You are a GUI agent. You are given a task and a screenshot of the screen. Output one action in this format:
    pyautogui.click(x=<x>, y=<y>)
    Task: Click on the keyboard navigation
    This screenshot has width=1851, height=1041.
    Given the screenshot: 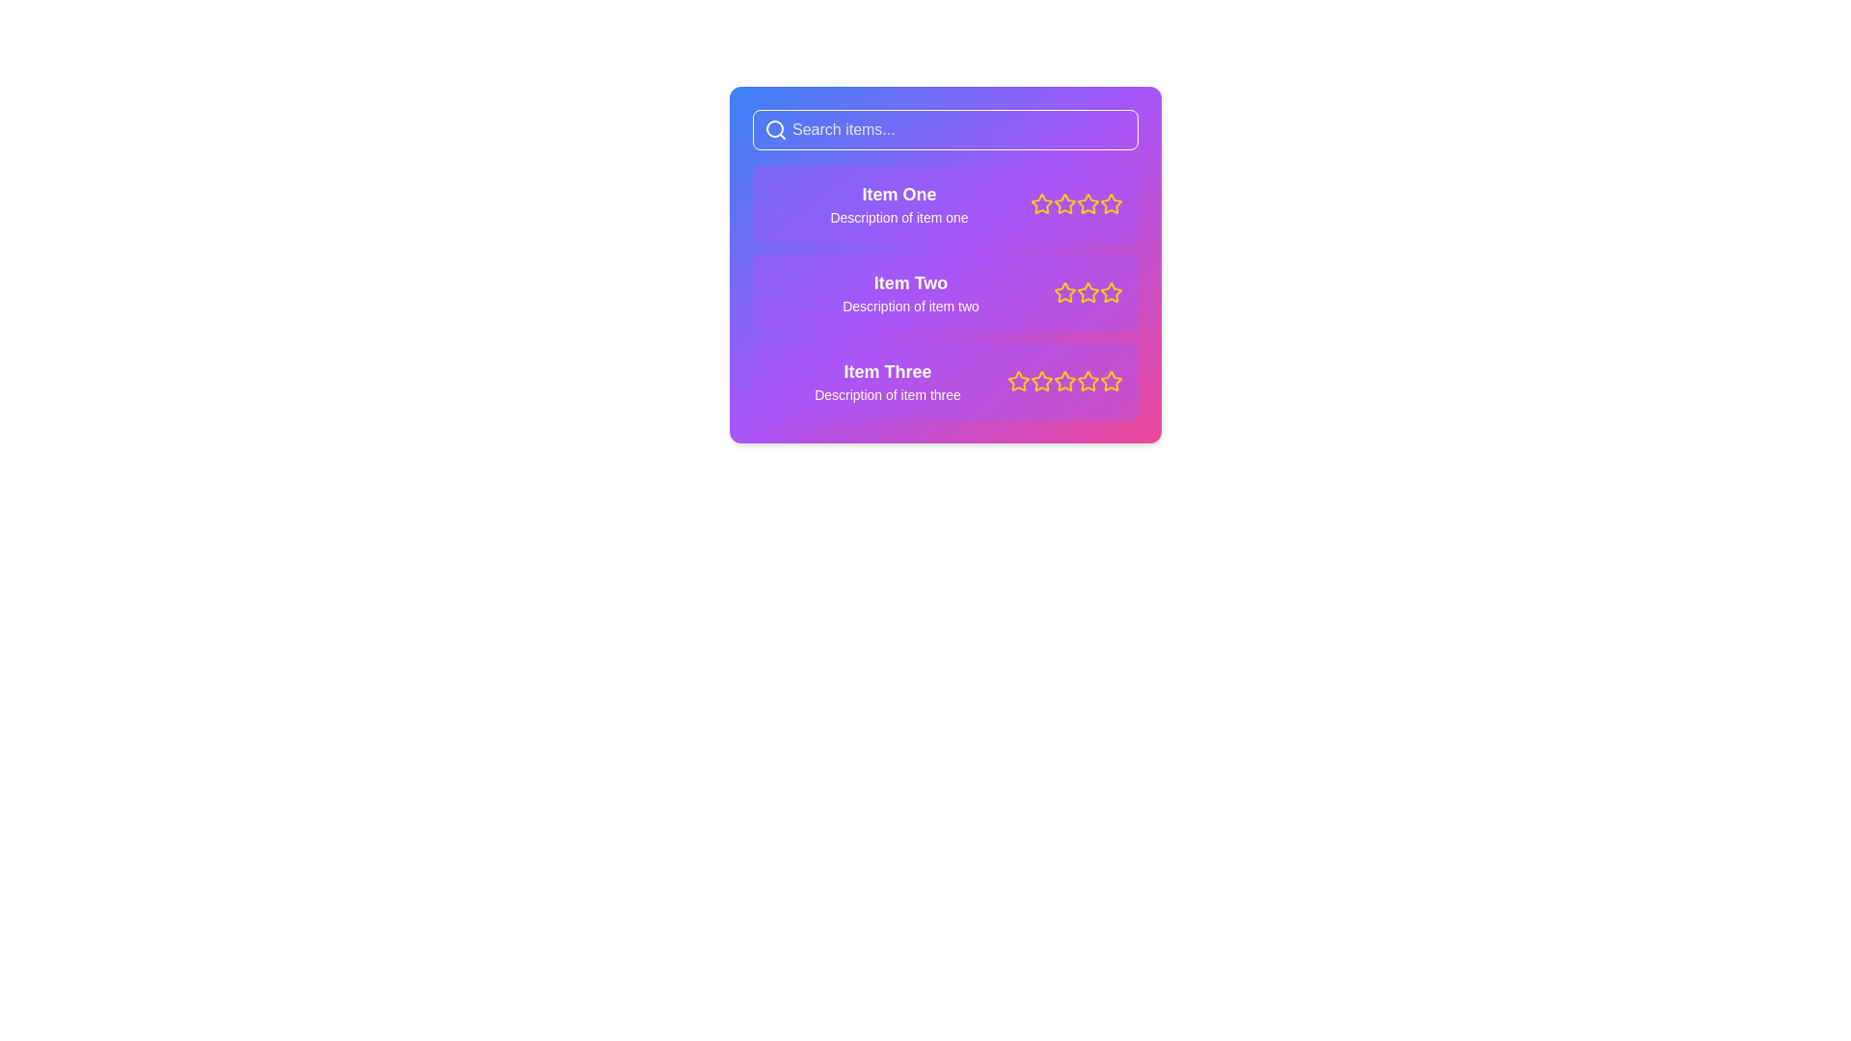 What is the action you would take?
    pyautogui.click(x=1111, y=293)
    